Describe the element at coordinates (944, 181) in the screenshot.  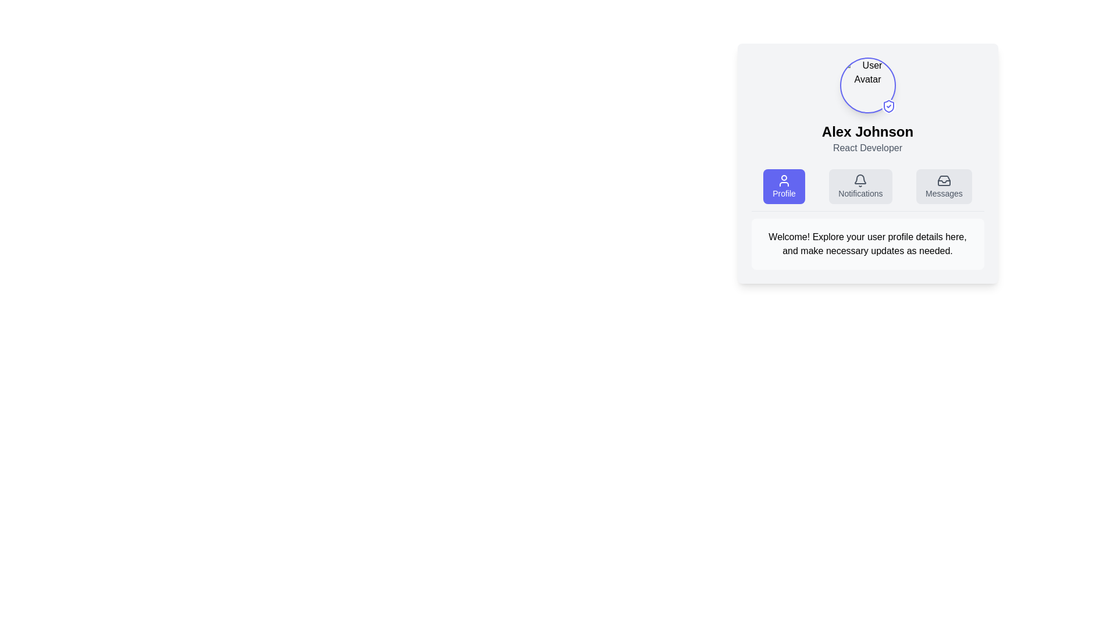
I see `the inbox icon located in the top-right section of the interface` at that location.